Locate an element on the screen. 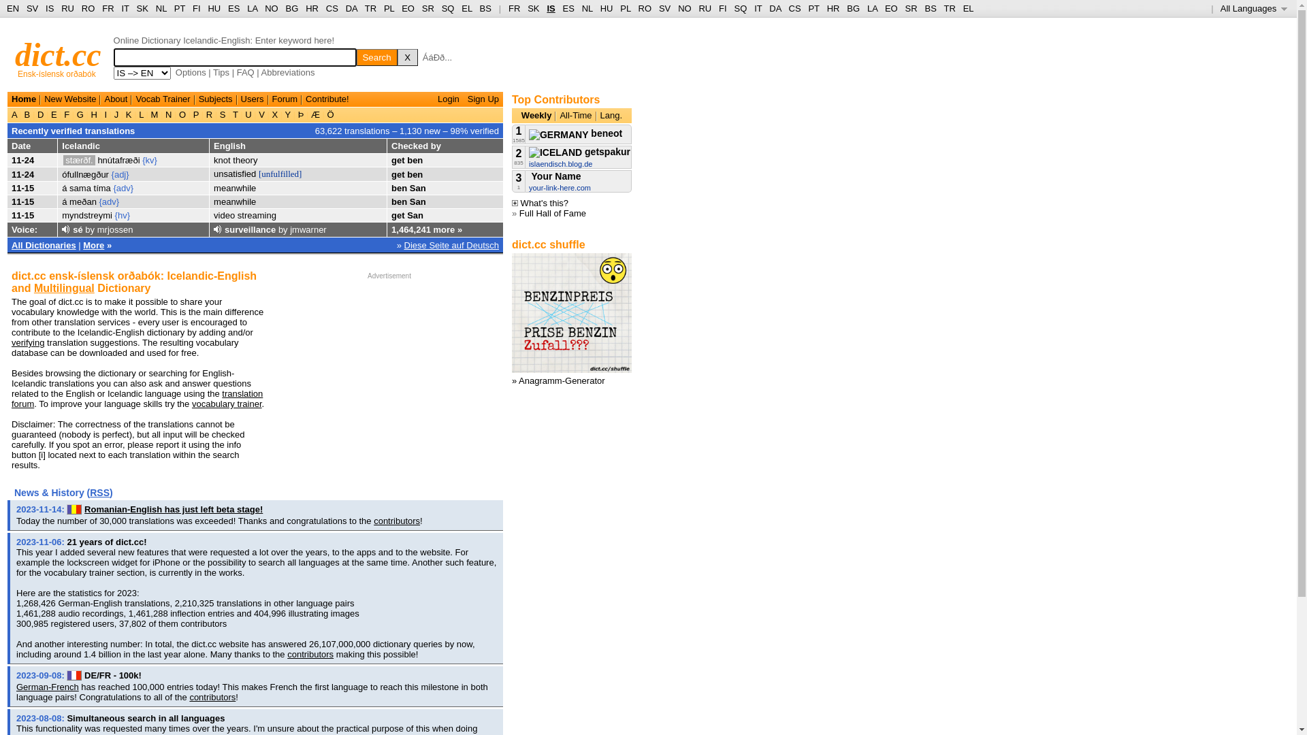 The height and width of the screenshot is (735, 1307). 'S' is located at coordinates (222, 114).